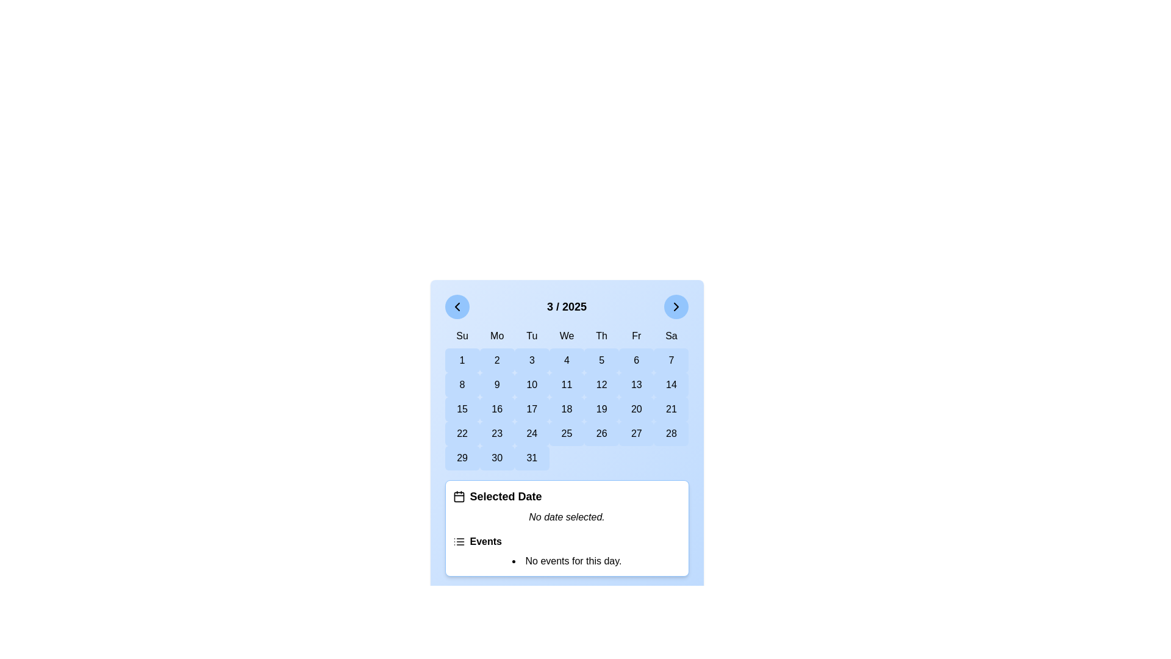  Describe the element at coordinates (497, 336) in the screenshot. I see `the static text label indicating 'Monday', which is the second header in the row of days in the calendar grid, positioned between 'Su' and 'Tu'` at that location.